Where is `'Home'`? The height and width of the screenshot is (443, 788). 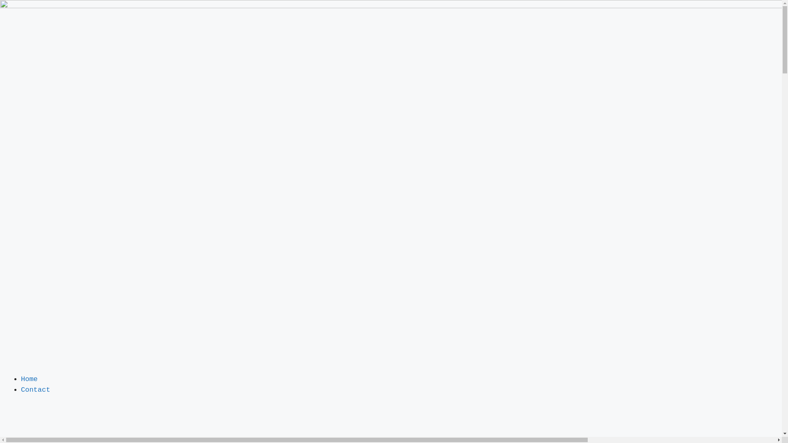 'Home' is located at coordinates (29, 379).